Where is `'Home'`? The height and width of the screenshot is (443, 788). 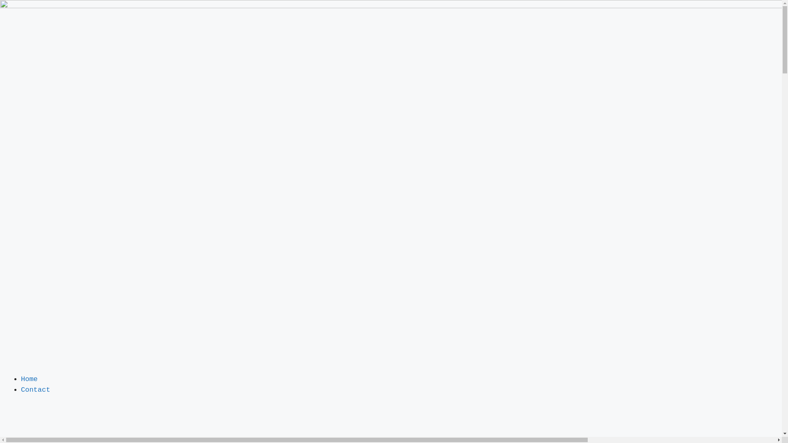 'Home' is located at coordinates (29, 379).